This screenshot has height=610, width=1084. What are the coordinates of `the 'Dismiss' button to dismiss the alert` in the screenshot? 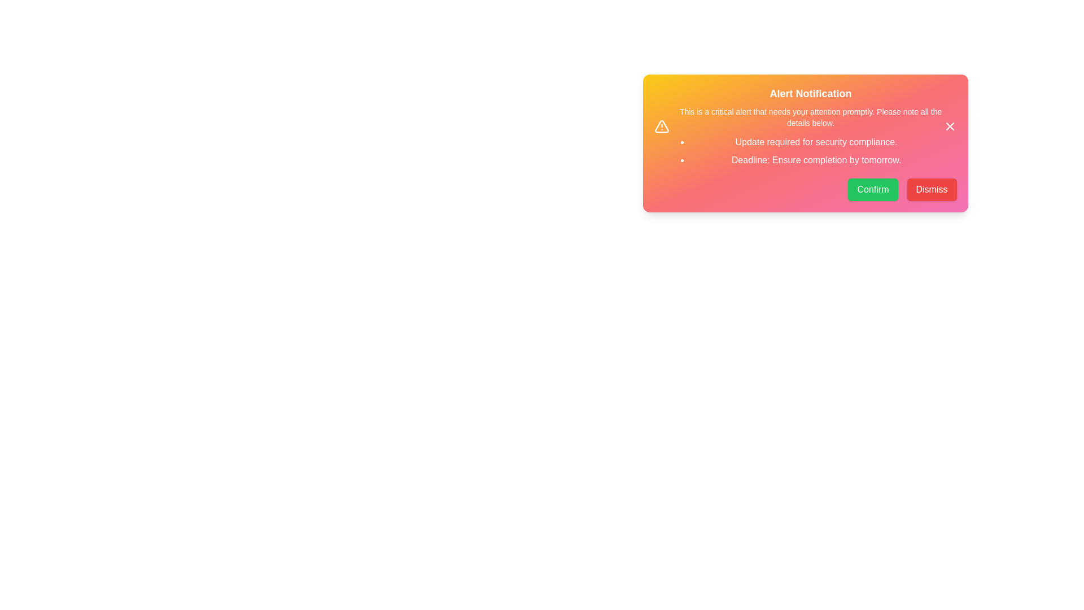 It's located at (932, 189).